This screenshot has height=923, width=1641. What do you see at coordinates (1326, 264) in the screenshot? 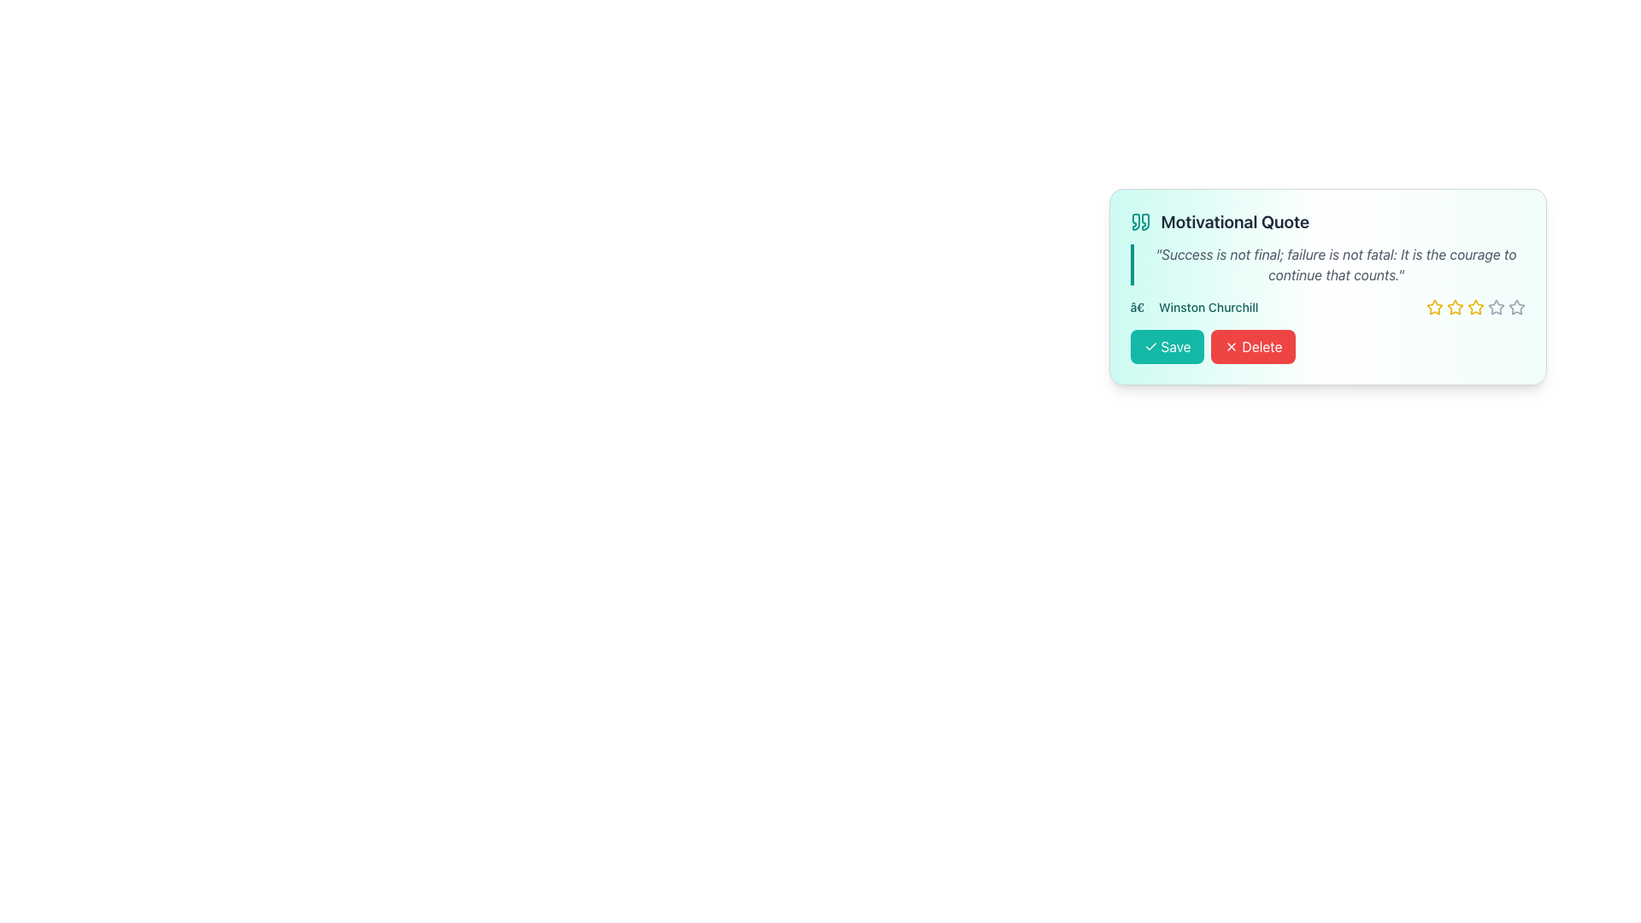
I see `the motivational quote text element, which is centrally positioned below the heading 'Motivational Quote' and above the text '— Winston Churchill' as well as the 'Save' and 'Delete' buttons` at bounding box center [1326, 264].